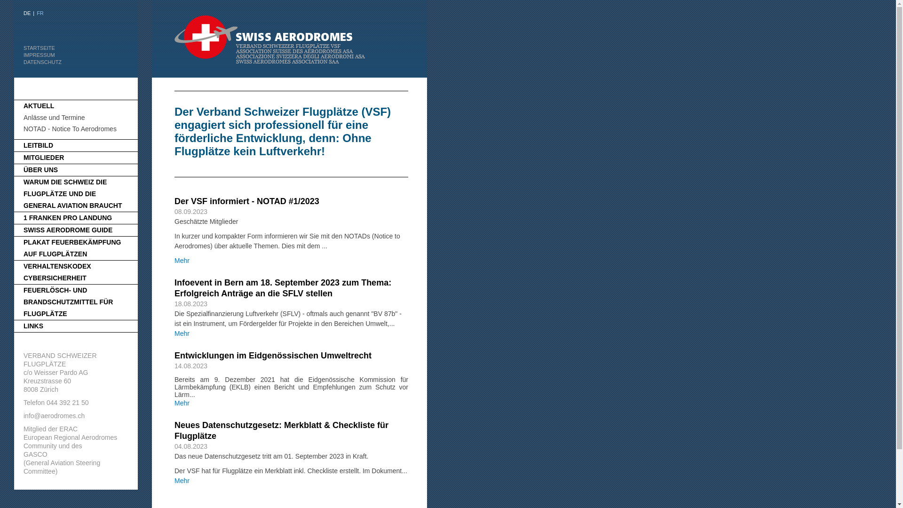  What do you see at coordinates (56, 272) in the screenshot?
I see `'VERHALTENSKODEX CYBERSICHERHEIT'` at bounding box center [56, 272].